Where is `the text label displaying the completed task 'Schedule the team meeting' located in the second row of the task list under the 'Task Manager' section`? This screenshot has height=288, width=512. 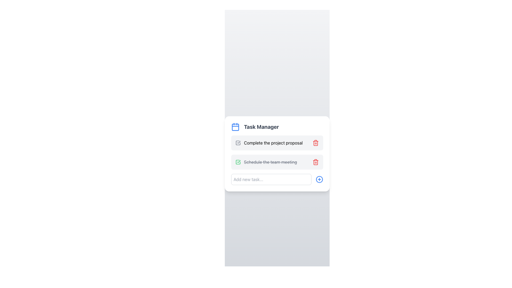 the text label displaying the completed task 'Schedule the team meeting' located in the second row of the task list under the 'Task Manager' section is located at coordinates (270, 162).